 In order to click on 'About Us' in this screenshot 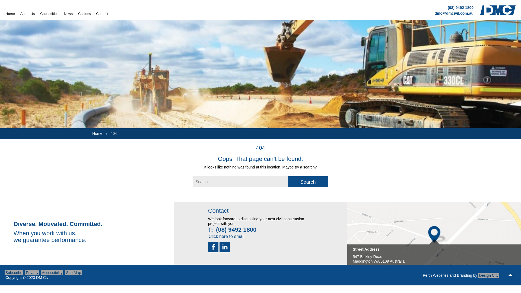, I will do `click(27, 13)`.